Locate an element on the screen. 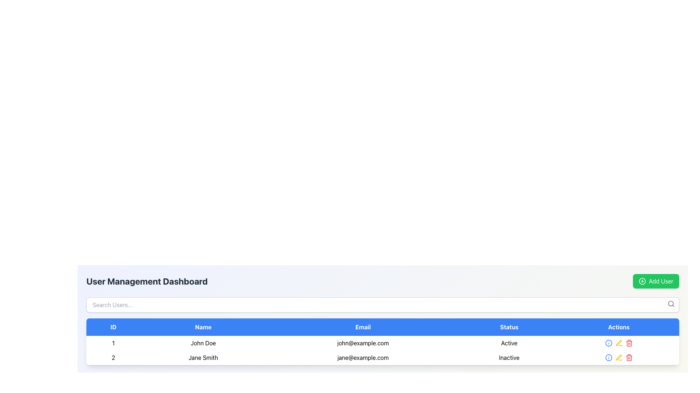  the pencil icon button located in the 'Actions' column of the second row corresponding to 'Jane Smith' is located at coordinates (618, 357).